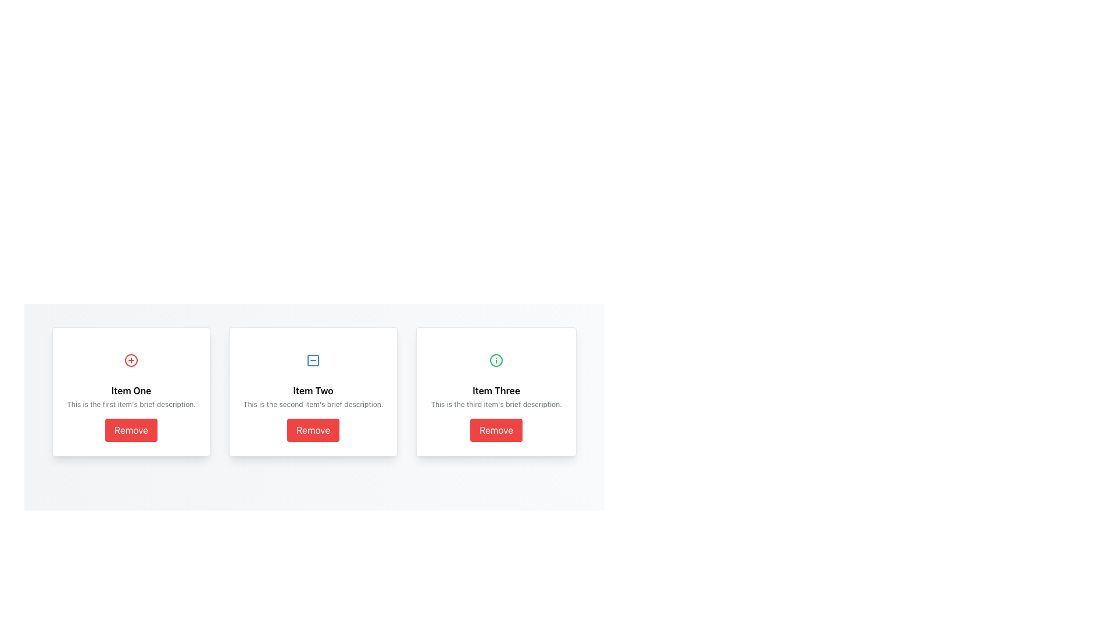 This screenshot has width=1116, height=628. What do you see at coordinates (496, 360) in the screenshot?
I see `the circular info icon with a green border and dot, located at the center-top of the 'Item Three' card` at bounding box center [496, 360].